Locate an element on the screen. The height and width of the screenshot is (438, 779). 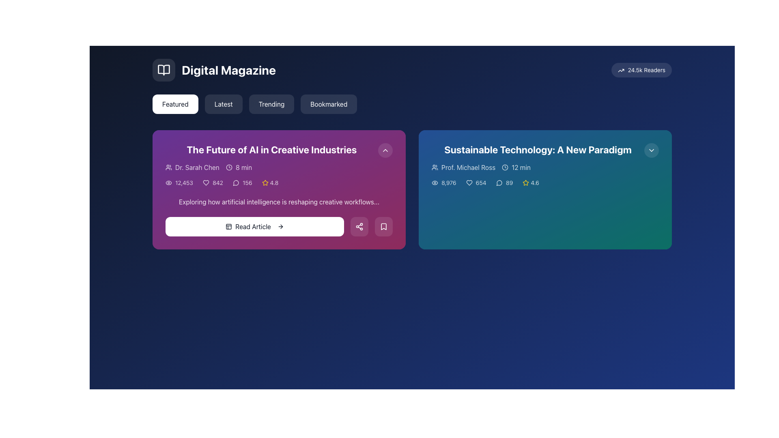
the label displaying 'Dr. Sarah Chen' with a person icon is located at coordinates (192, 167).